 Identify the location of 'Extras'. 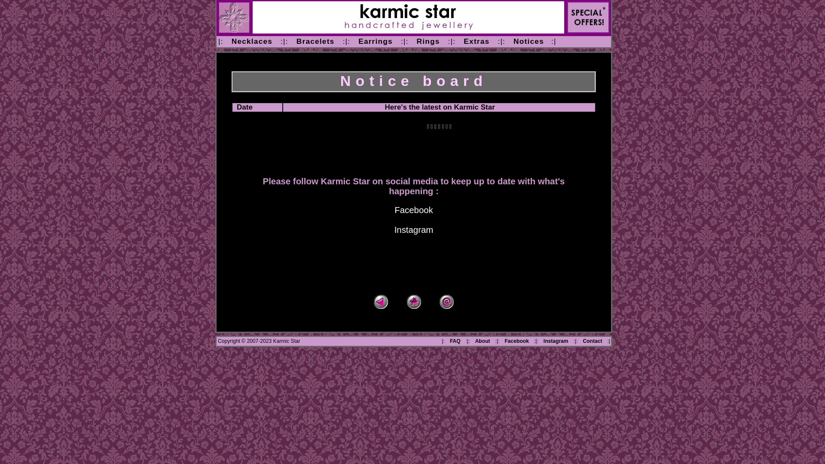
(463, 41).